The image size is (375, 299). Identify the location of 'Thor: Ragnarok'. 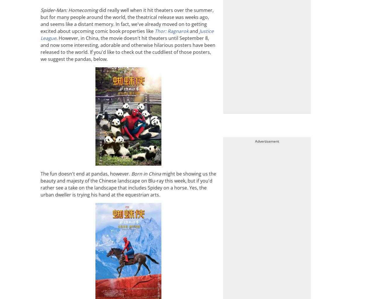
(172, 30).